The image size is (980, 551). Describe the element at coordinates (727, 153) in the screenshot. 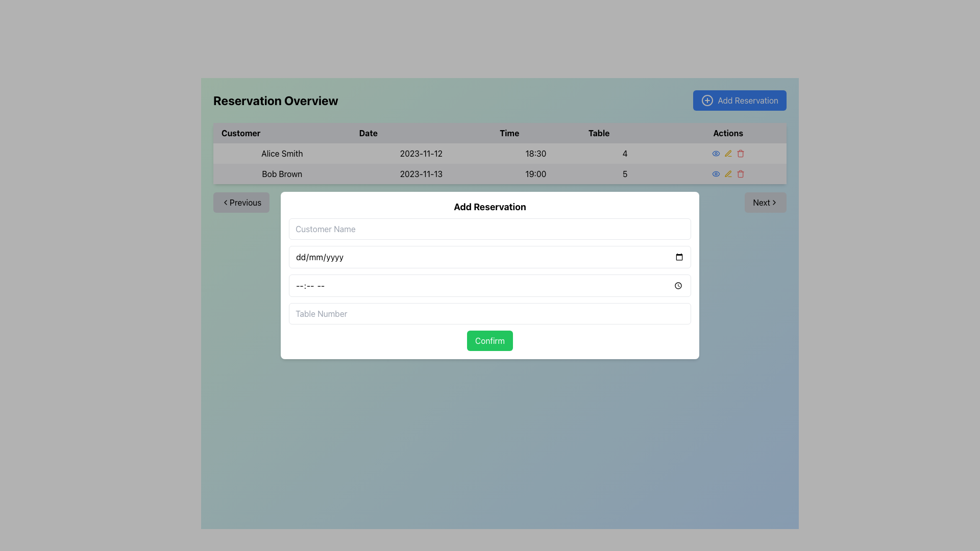

I see `the yellow pencil icon button in the actions column of the top row in the table to initiate the editing action` at that location.